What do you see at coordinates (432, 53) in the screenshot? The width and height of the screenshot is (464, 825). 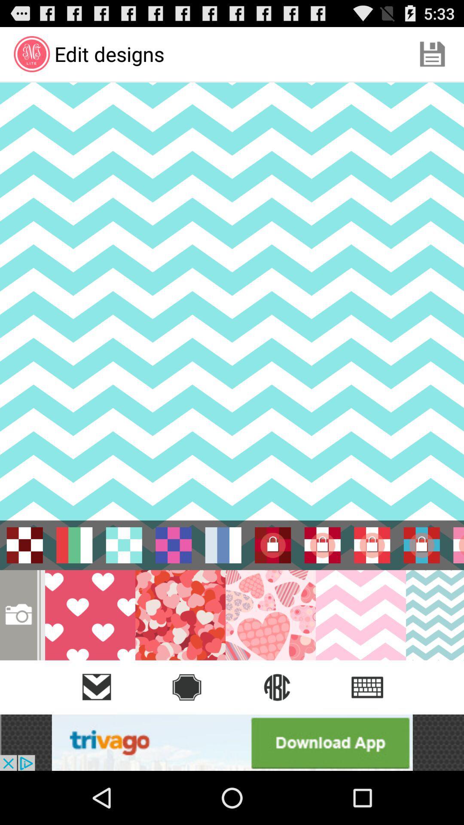 I see `the icon which is at the top right of the page` at bounding box center [432, 53].